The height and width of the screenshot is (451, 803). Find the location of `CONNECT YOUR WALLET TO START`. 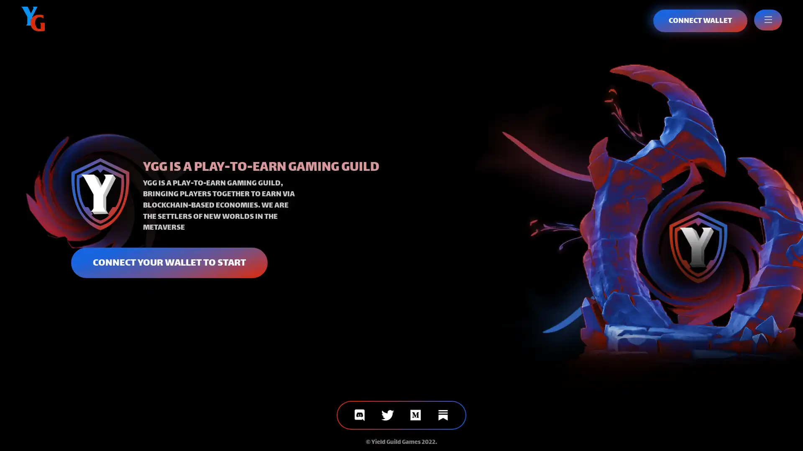

CONNECT YOUR WALLET TO START is located at coordinates (169, 262).